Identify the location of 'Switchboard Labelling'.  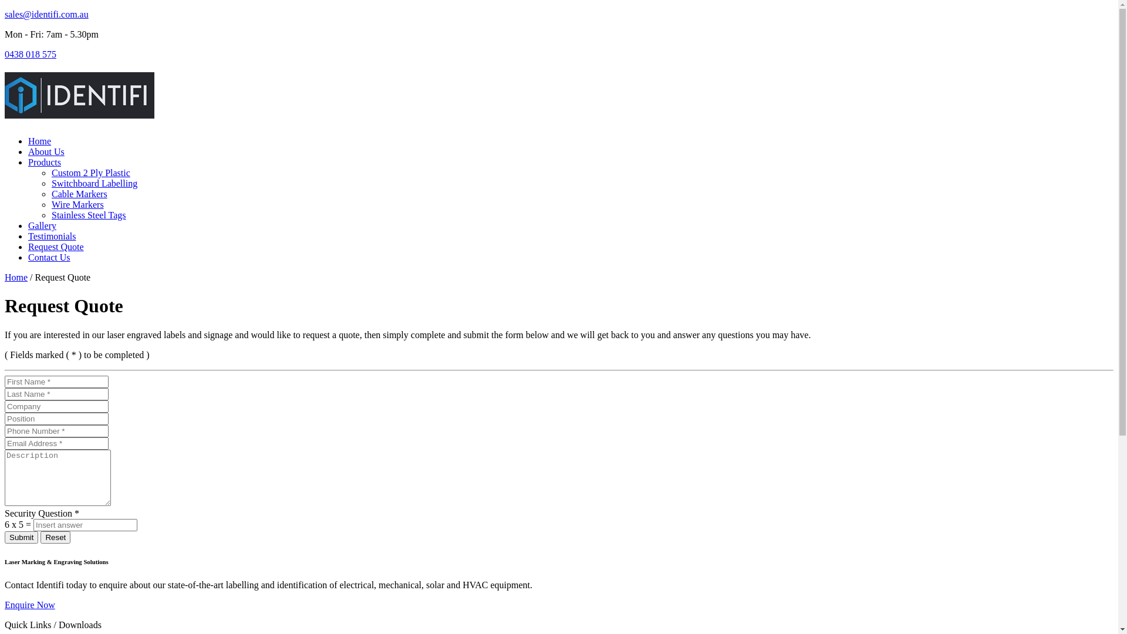
(95, 183).